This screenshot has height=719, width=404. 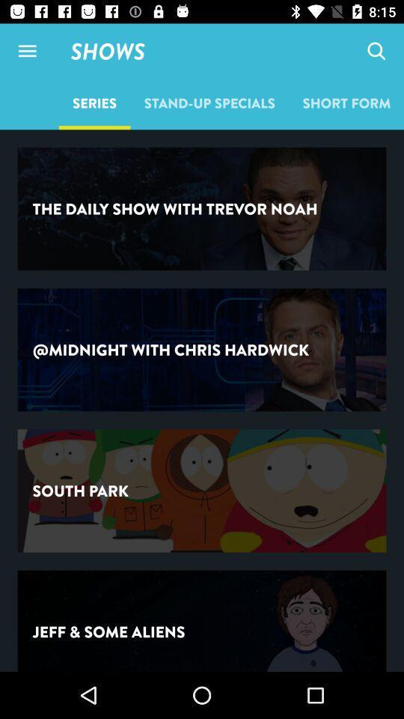 I want to click on the item below the shows, so click(x=209, y=102).